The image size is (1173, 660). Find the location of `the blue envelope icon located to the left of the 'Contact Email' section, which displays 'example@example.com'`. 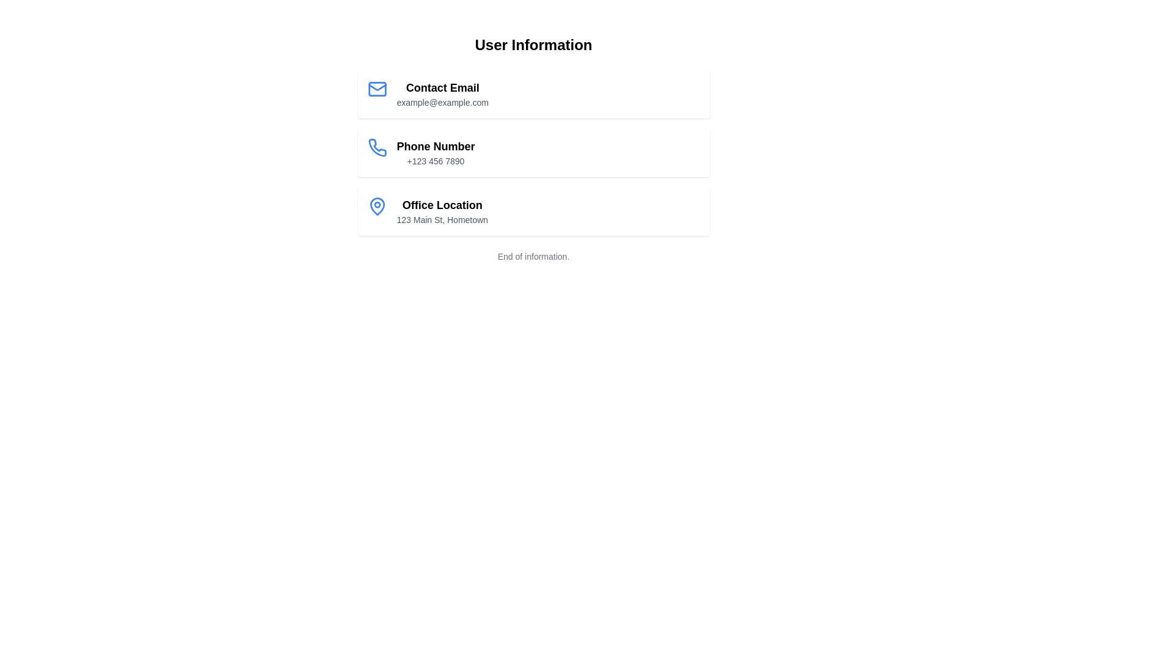

the blue envelope icon located to the left of the 'Contact Email' section, which displays 'example@example.com' is located at coordinates (376, 89).